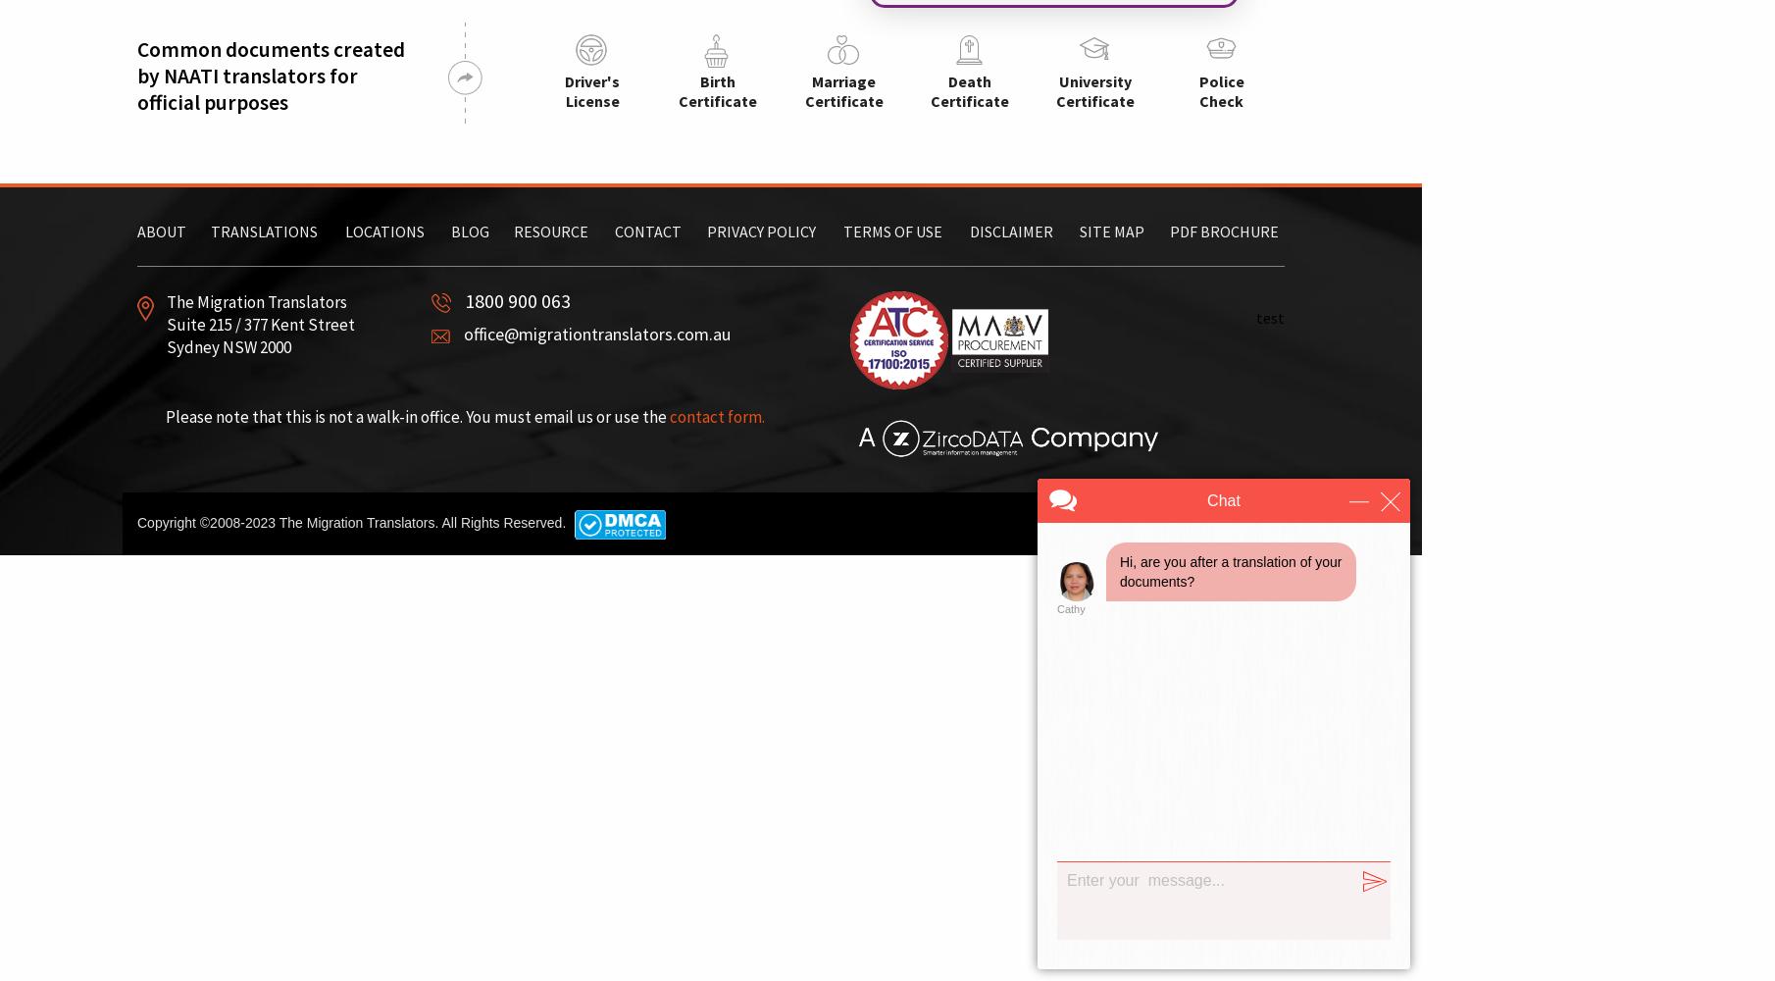 Image resolution: width=1775 pixels, height=981 pixels. Describe the element at coordinates (228, 346) in the screenshot. I see `'Sydney NSW 2000'` at that location.